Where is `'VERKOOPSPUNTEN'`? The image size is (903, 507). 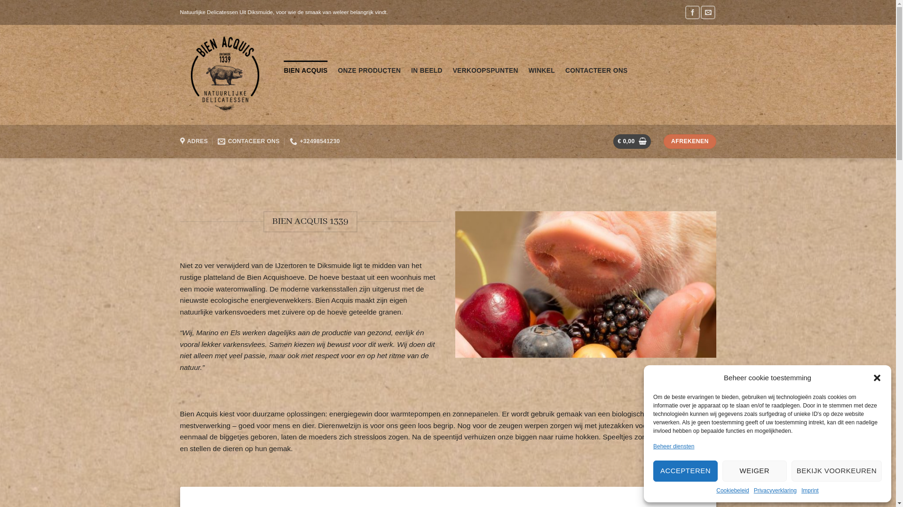
'VERKOOPSPUNTEN' is located at coordinates (485, 70).